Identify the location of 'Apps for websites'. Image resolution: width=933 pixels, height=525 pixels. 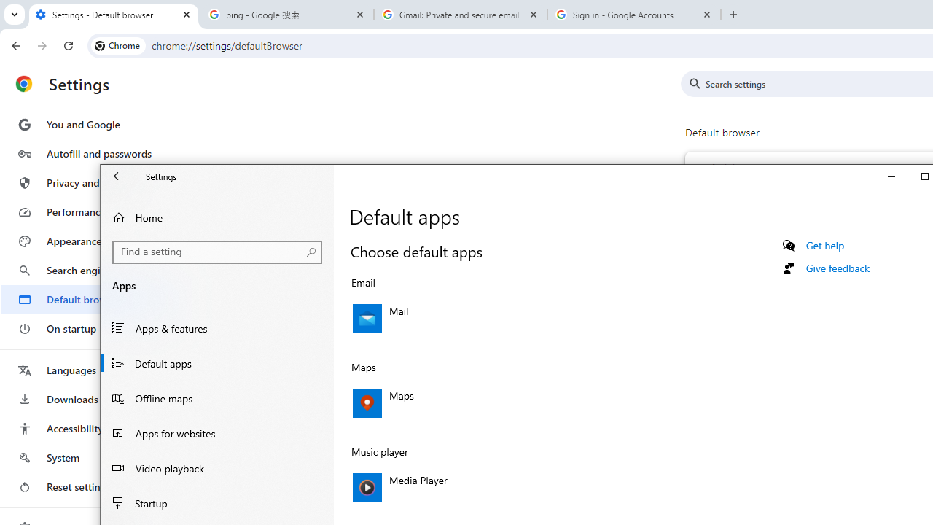
(216, 432).